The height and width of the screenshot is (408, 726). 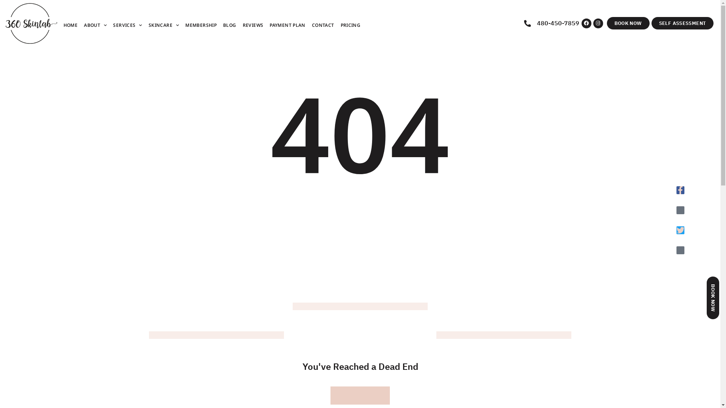 I want to click on 'PAYMENT PLAN', so click(x=269, y=25).